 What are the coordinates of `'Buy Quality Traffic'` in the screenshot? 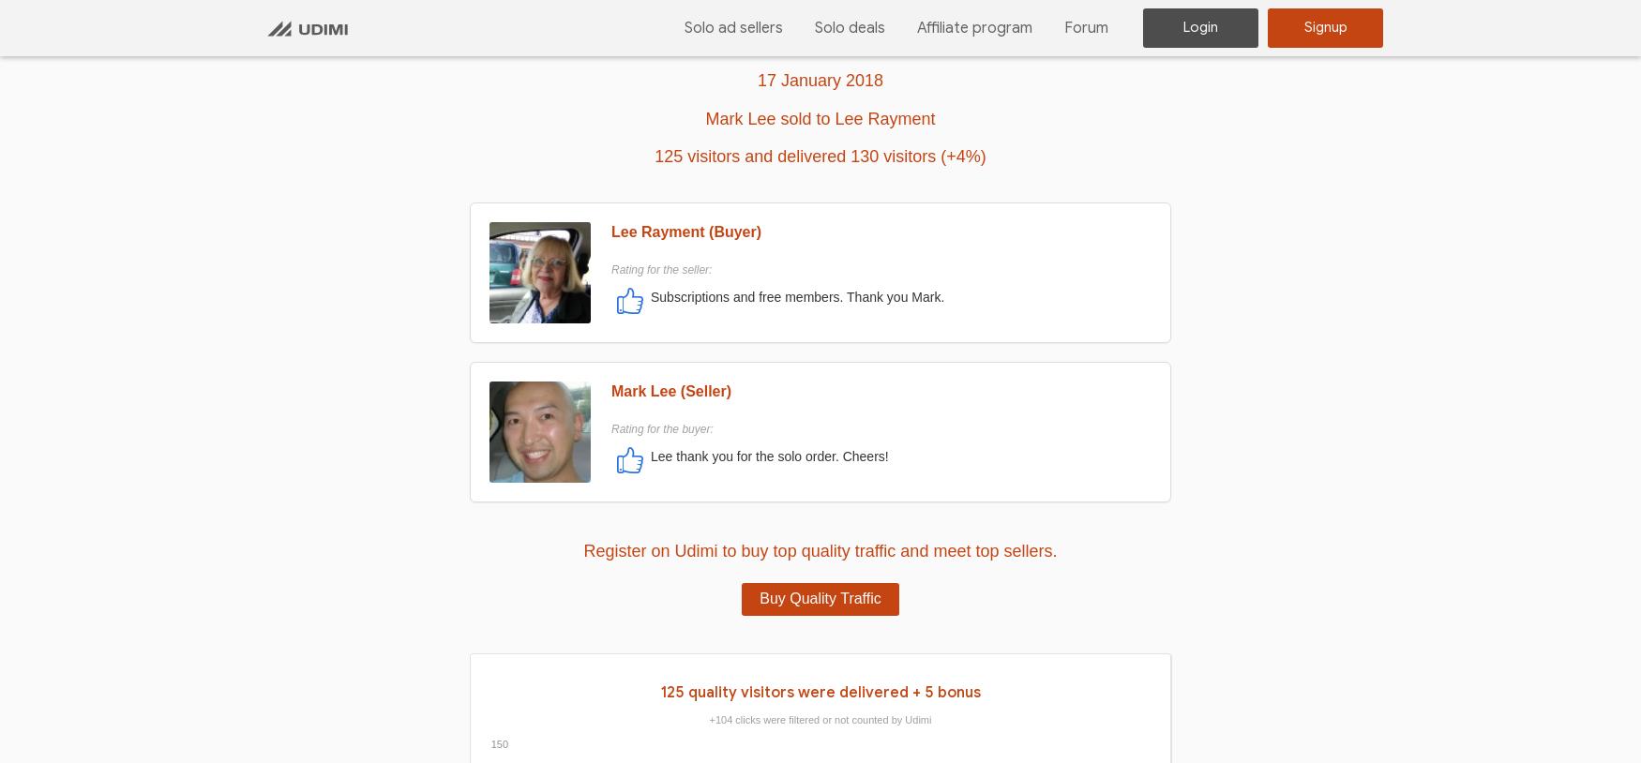 It's located at (820, 597).